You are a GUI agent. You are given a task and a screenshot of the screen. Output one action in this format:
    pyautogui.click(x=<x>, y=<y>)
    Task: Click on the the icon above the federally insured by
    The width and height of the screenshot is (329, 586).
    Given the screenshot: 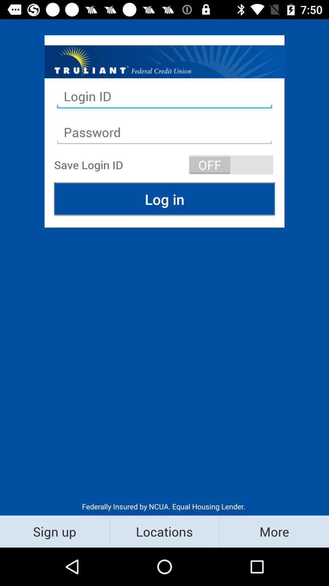 What is the action you would take?
    pyautogui.click(x=164, y=199)
    